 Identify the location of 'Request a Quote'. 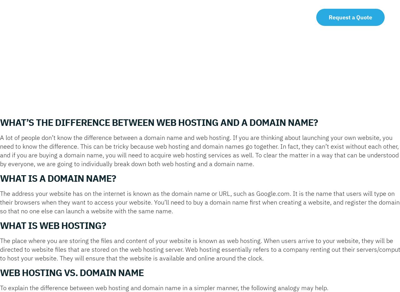
(350, 17).